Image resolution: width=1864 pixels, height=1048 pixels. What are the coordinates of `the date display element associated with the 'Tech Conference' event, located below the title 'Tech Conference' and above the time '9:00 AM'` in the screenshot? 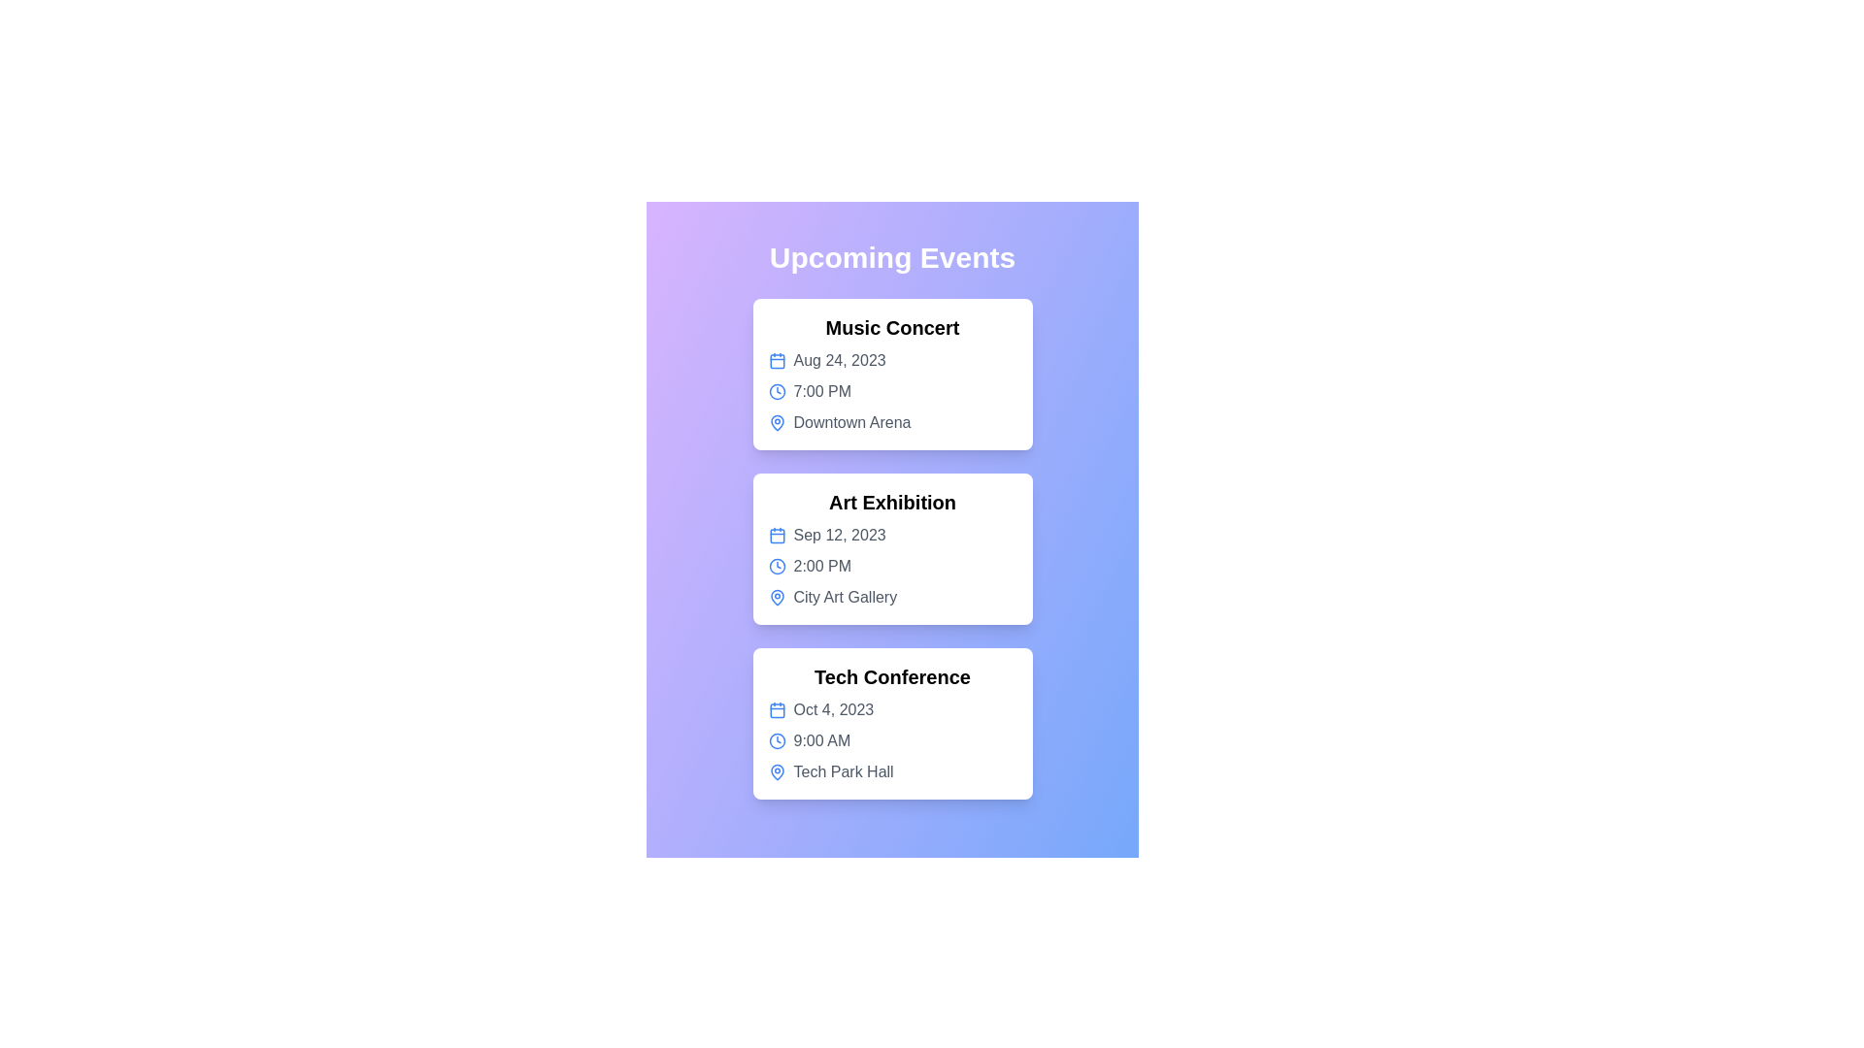 It's located at (891, 710).